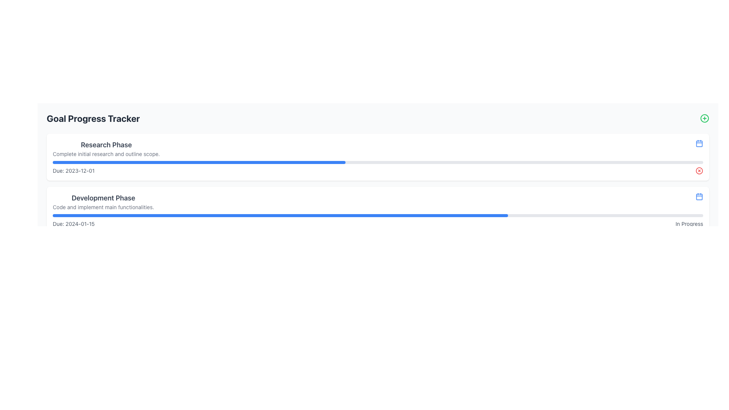 The image size is (729, 410). What do you see at coordinates (103, 197) in the screenshot?
I see `the non-interactive header text label that indicates the phase of development in the progress tracking system` at bounding box center [103, 197].